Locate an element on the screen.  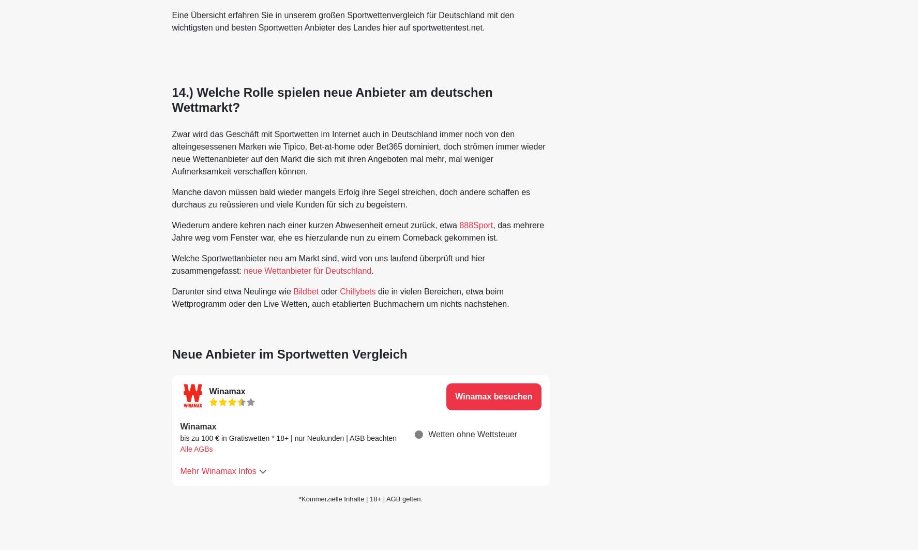
'.' is located at coordinates (371, 270).